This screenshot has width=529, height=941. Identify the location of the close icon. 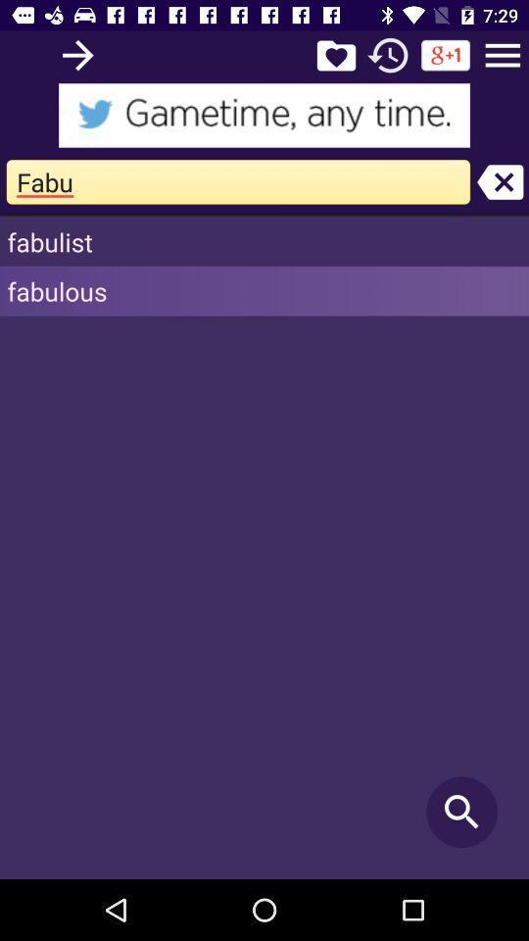
(500, 181).